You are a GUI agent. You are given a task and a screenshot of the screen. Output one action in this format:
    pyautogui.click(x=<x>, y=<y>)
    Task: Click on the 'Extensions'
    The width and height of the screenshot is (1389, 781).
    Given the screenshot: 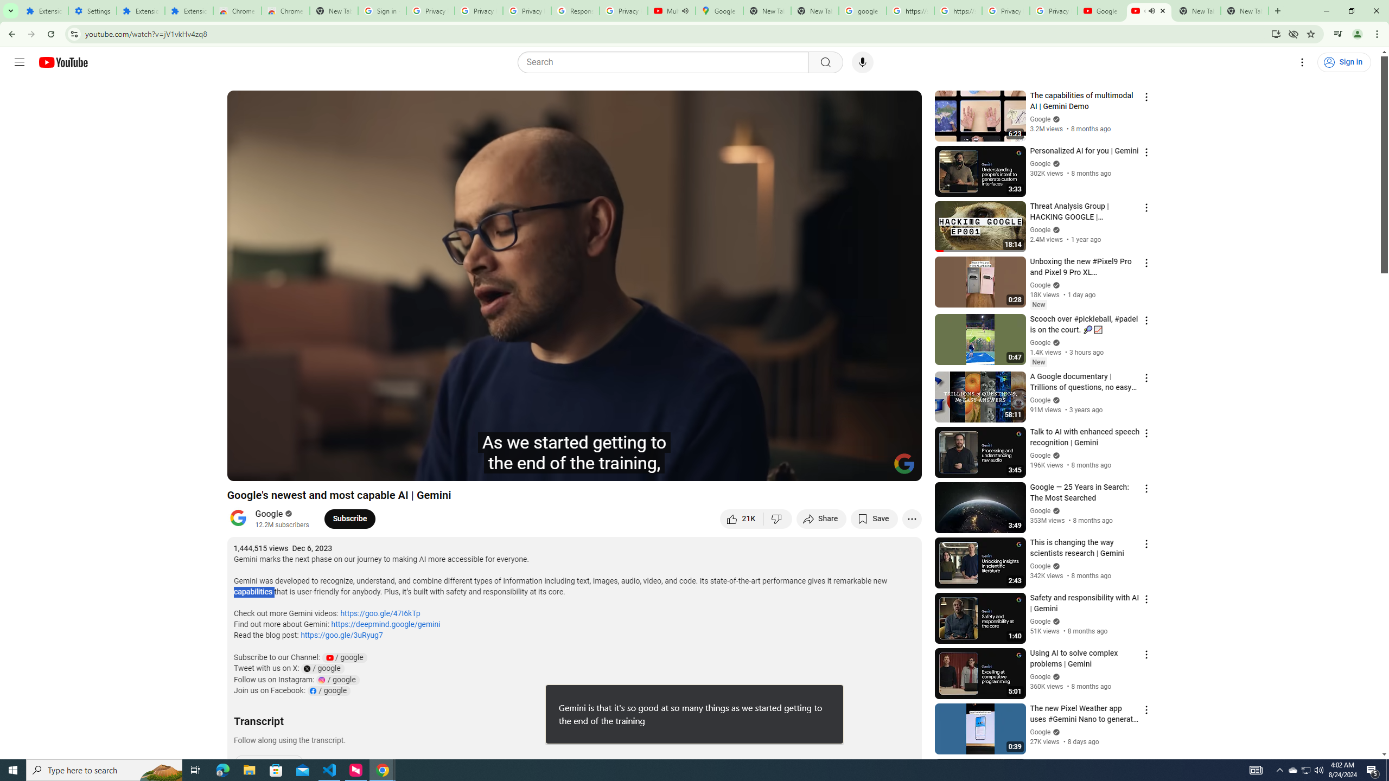 What is the action you would take?
    pyautogui.click(x=188, y=10)
    